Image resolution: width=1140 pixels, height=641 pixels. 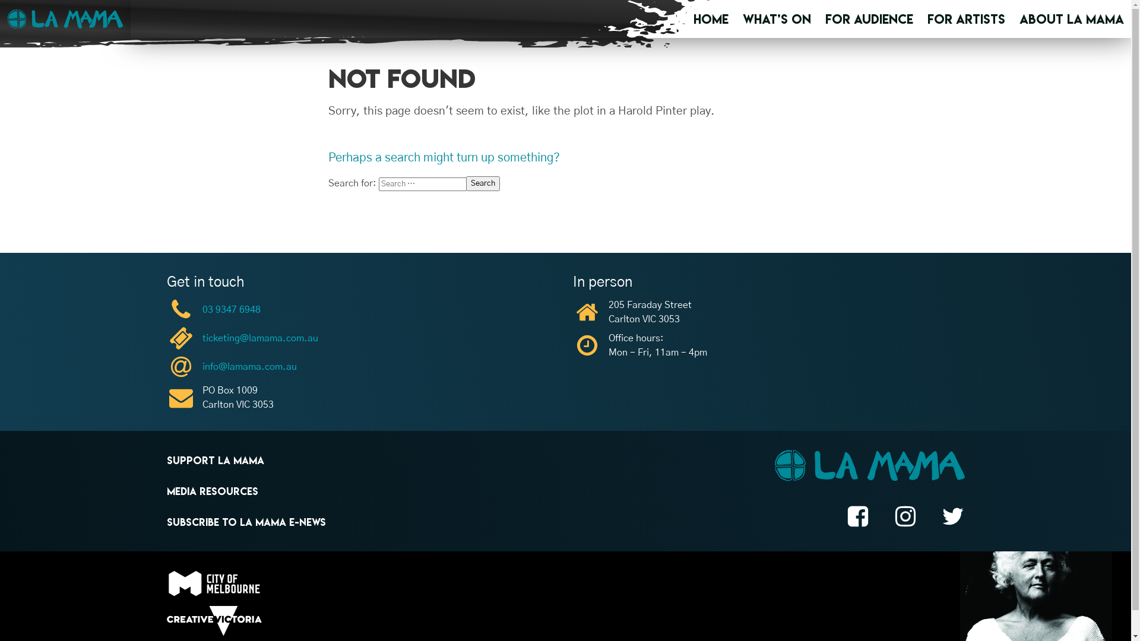 What do you see at coordinates (904, 518) in the screenshot?
I see `'La Mama on Instagram'` at bounding box center [904, 518].